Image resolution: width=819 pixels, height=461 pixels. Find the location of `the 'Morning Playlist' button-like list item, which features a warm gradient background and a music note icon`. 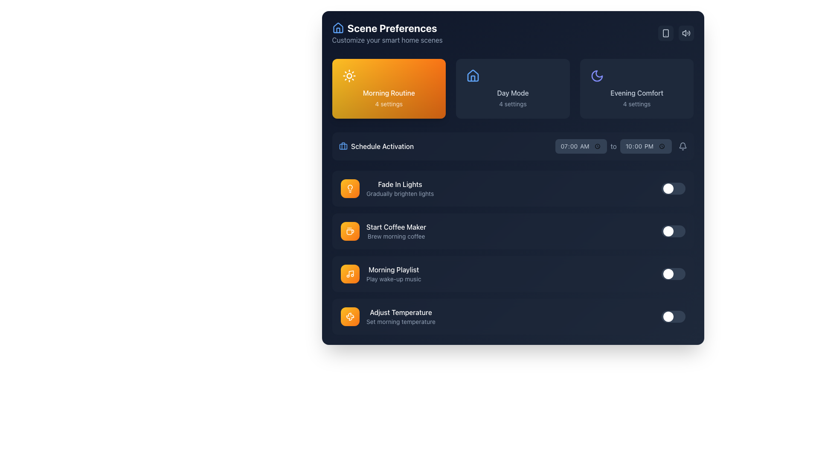

the 'Morning Playlist' button-like list item, which features a warm gradient background and a music note icon is located at coordinates (380, 274).